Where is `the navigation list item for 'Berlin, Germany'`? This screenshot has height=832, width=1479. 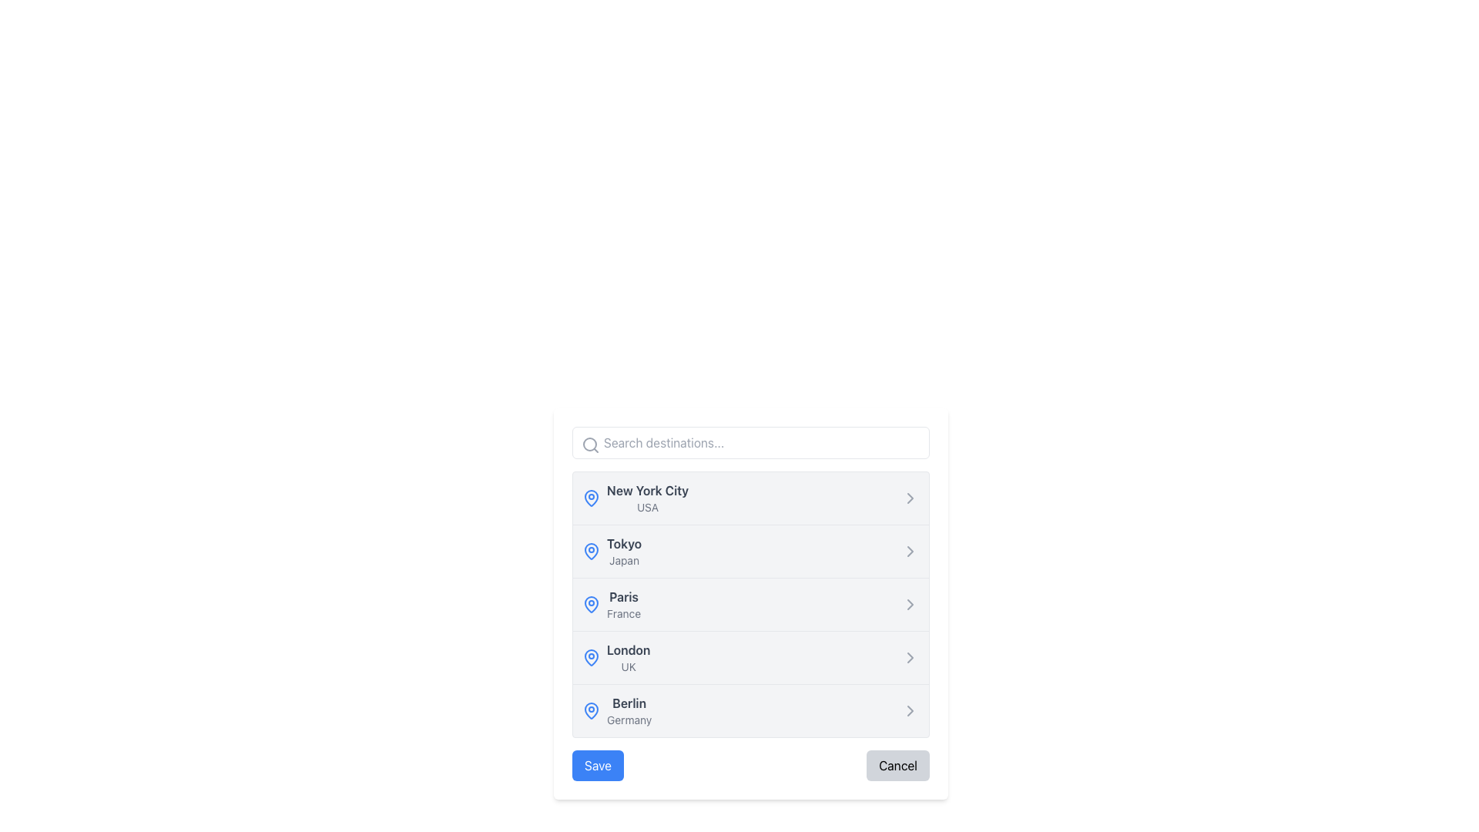 the navigation list item for 'Berlin, Germany' is located at coordinates (617, 710).